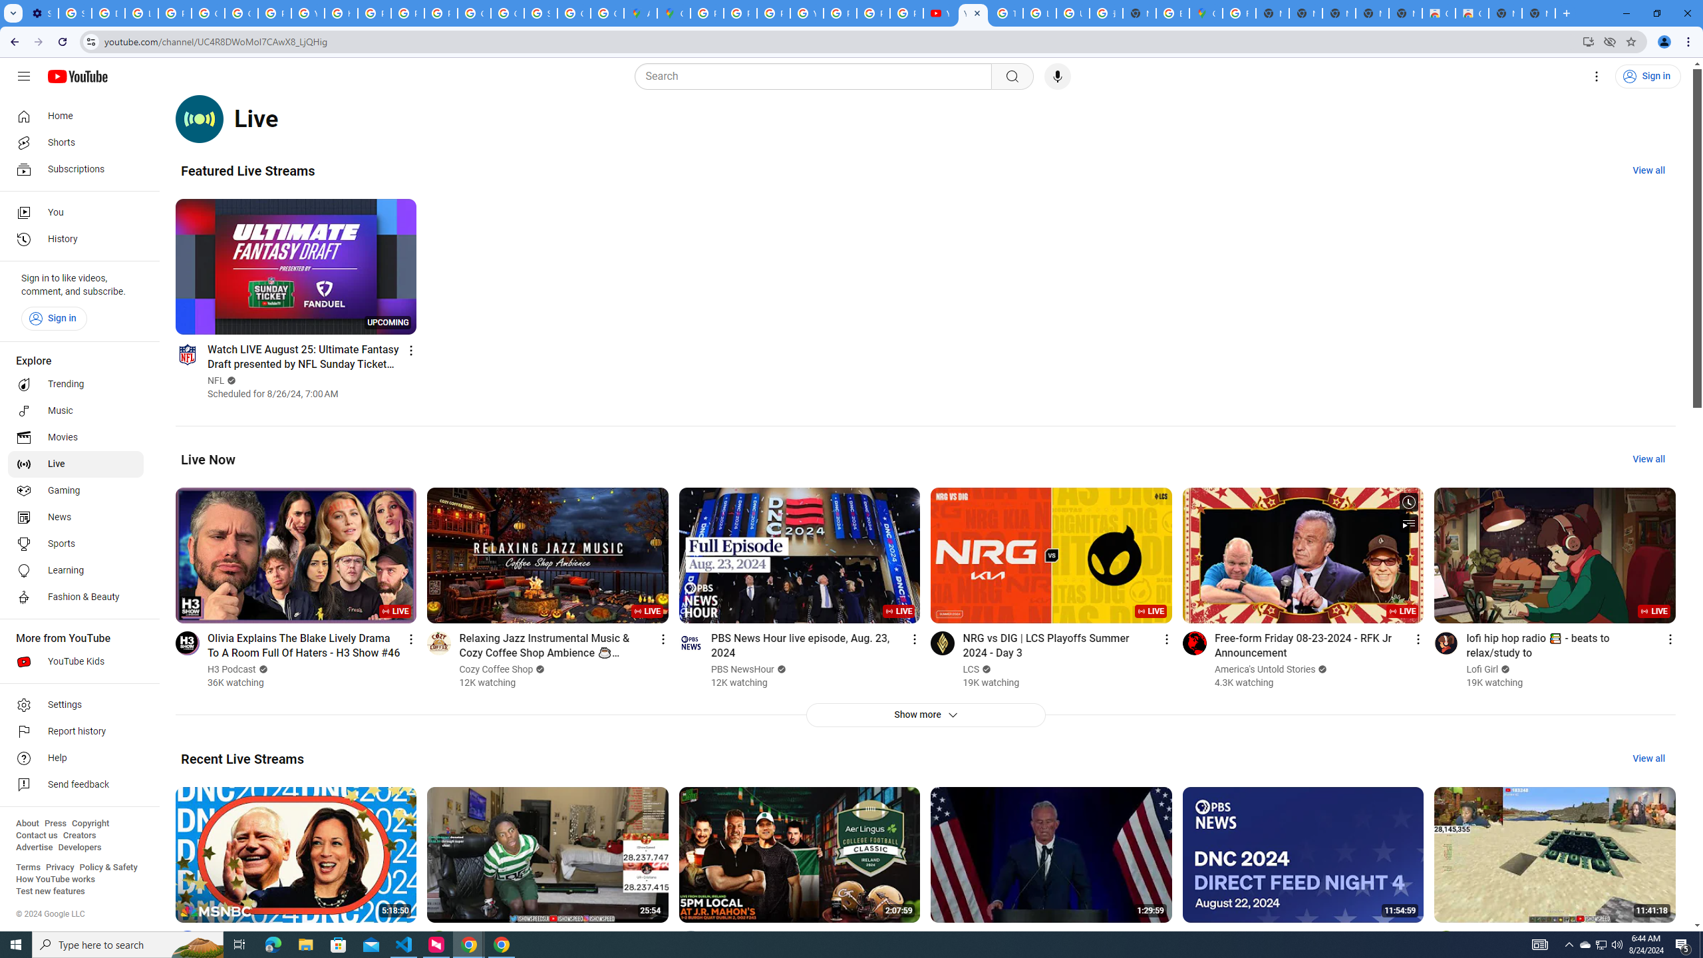 This screenshot has height=958, width=1703. What do you see at coordinates (108, 866) in the screenshot?
I see `'Policy & Safety'` at bounding box center [108, 866].